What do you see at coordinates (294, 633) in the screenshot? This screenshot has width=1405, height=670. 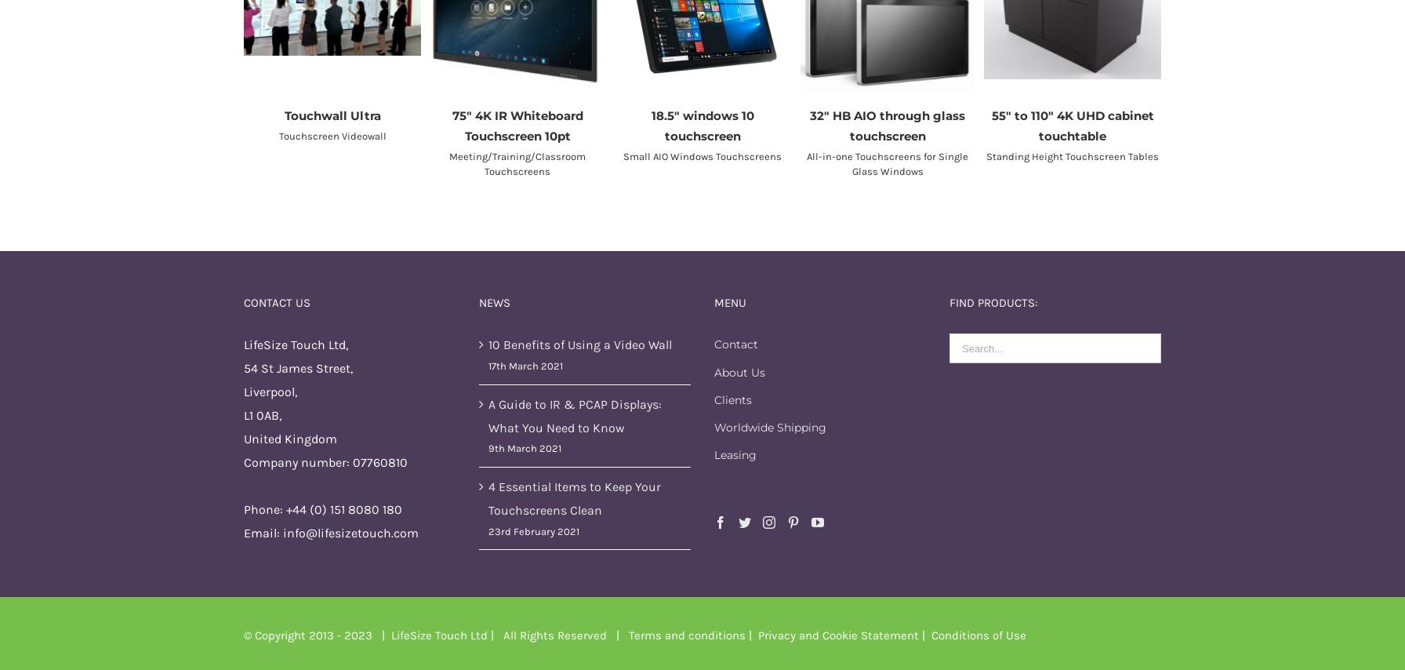 I see `'© Copyright 2013 -'` at bounding box center [294, 633].